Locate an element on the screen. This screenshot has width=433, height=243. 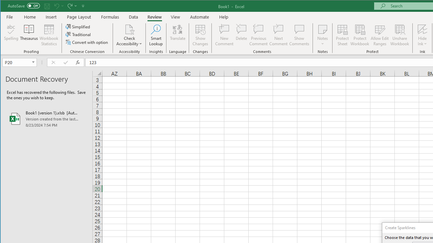
'AutoSave' is located at coordinates (24, 6).